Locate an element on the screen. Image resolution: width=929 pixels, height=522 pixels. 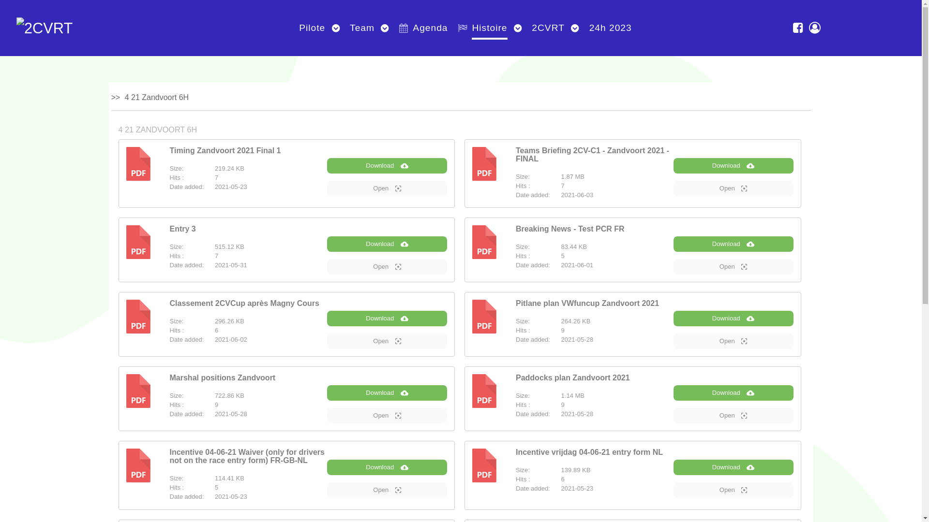
'Paddocks plan Zandvoort 2021' is located at coordinates (515, 377).